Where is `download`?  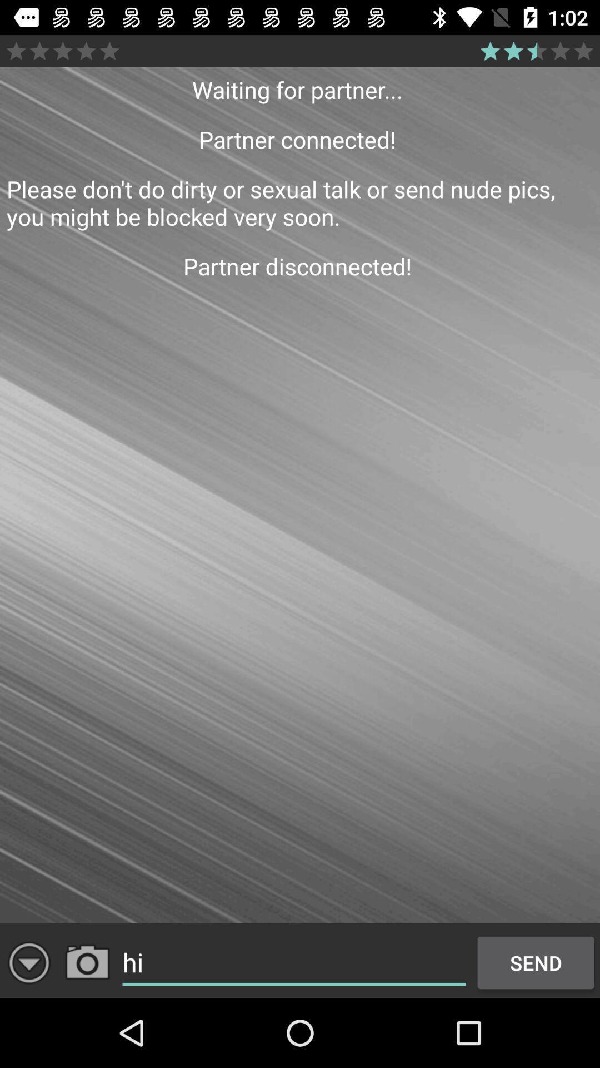 download is located at coordinates (28, 962).